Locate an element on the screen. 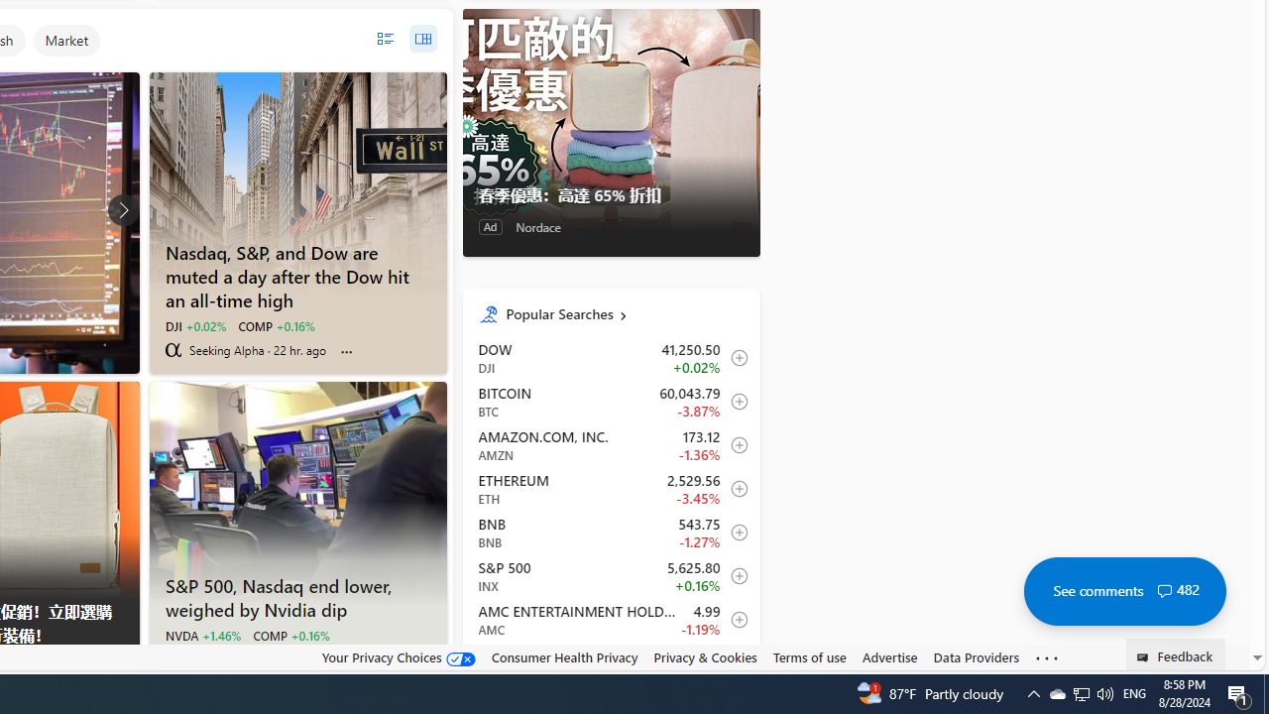  'Your Privacy Choices' is located at coordinates (397, 657).